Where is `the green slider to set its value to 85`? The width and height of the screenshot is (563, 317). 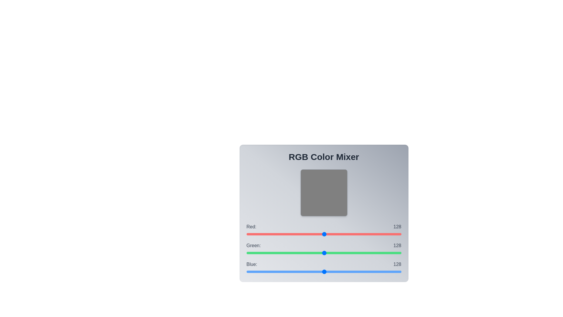
the green slider to set its value to 85 is located at coordinates (298, 252).